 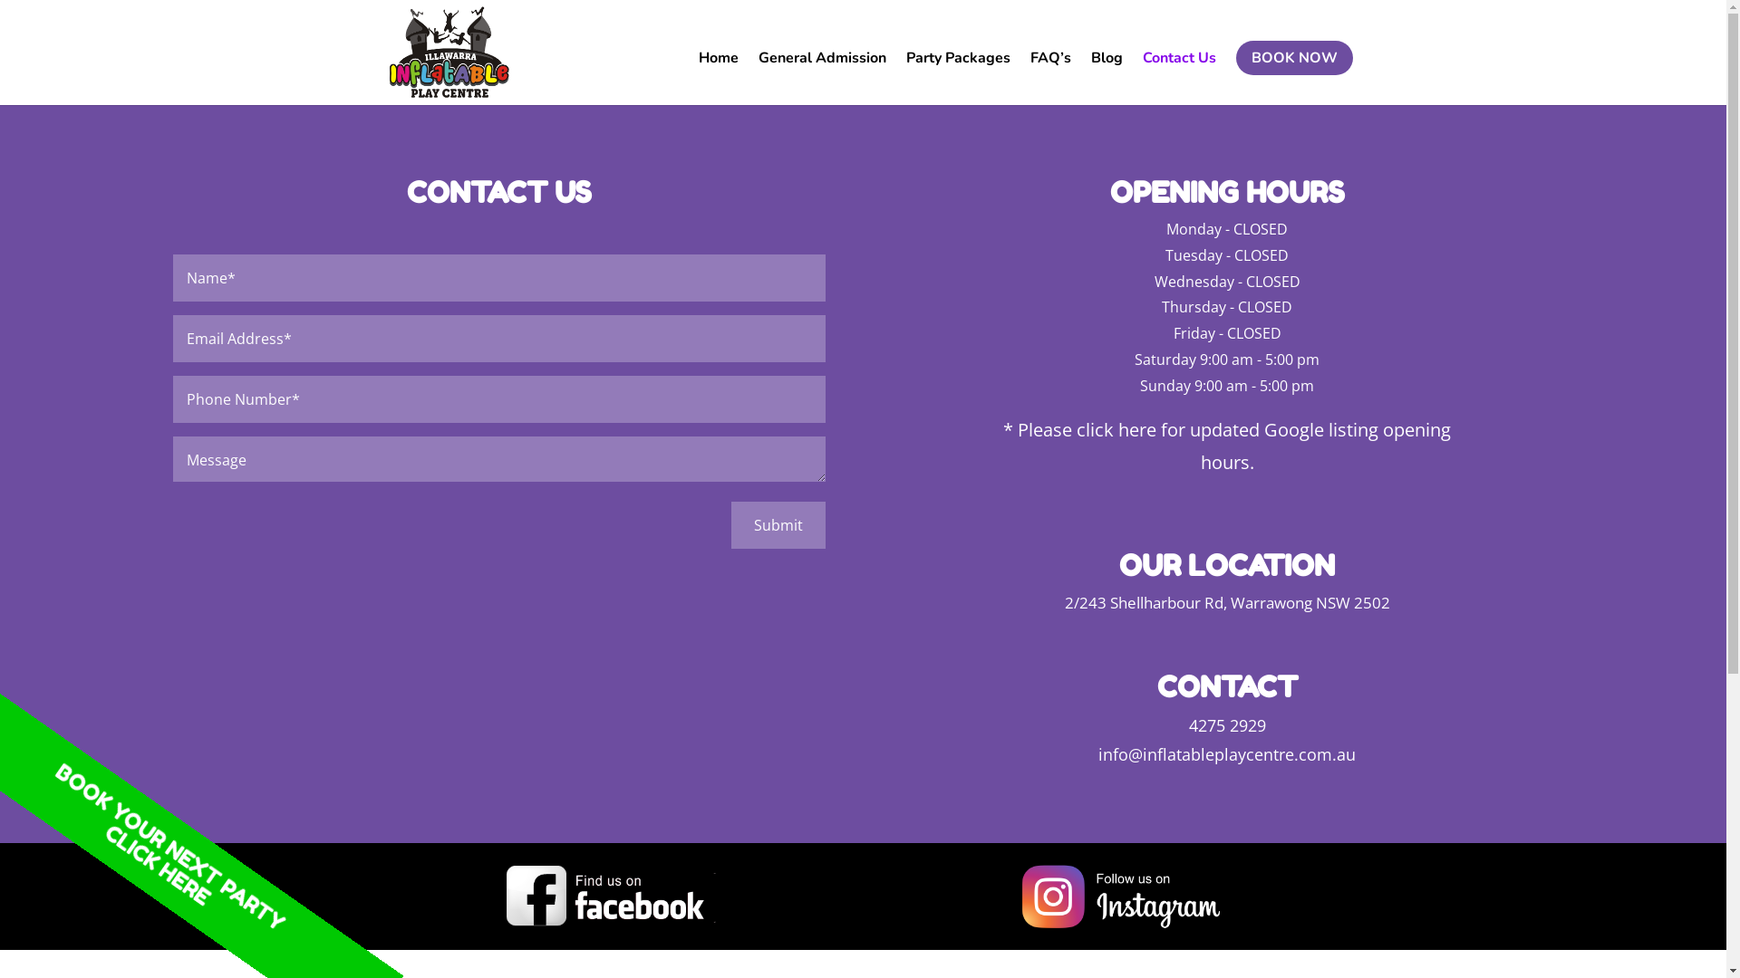 I want to click on 'info@inflatableplaycentre.com.au', so click(x=1097, y=754).